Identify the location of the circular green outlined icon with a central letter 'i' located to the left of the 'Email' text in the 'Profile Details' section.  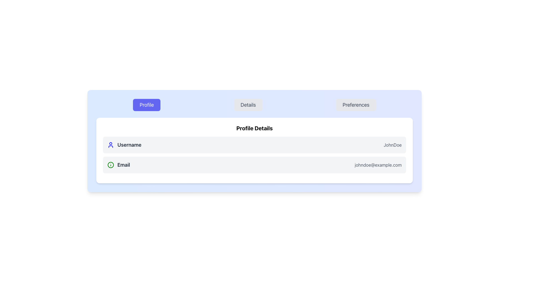
(110, 165).